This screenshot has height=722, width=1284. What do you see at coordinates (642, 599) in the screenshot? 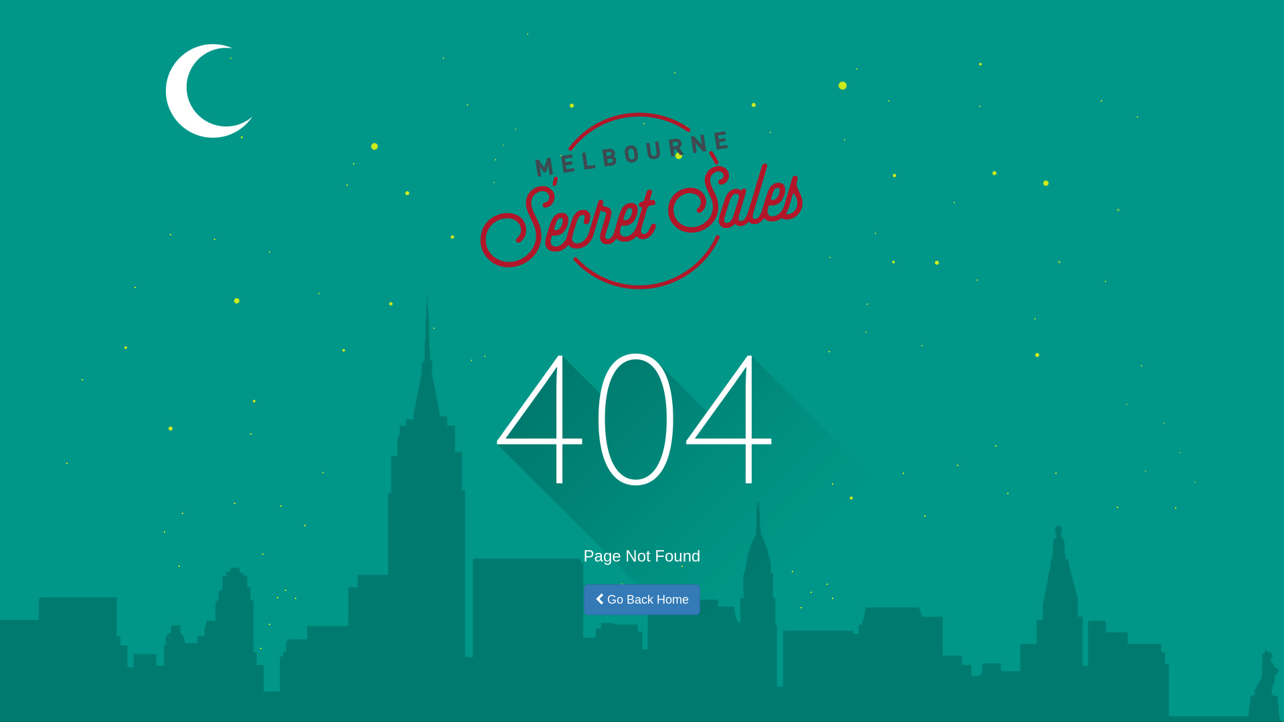
I see `'Go Back Home'` at bounding box center [642, 599].